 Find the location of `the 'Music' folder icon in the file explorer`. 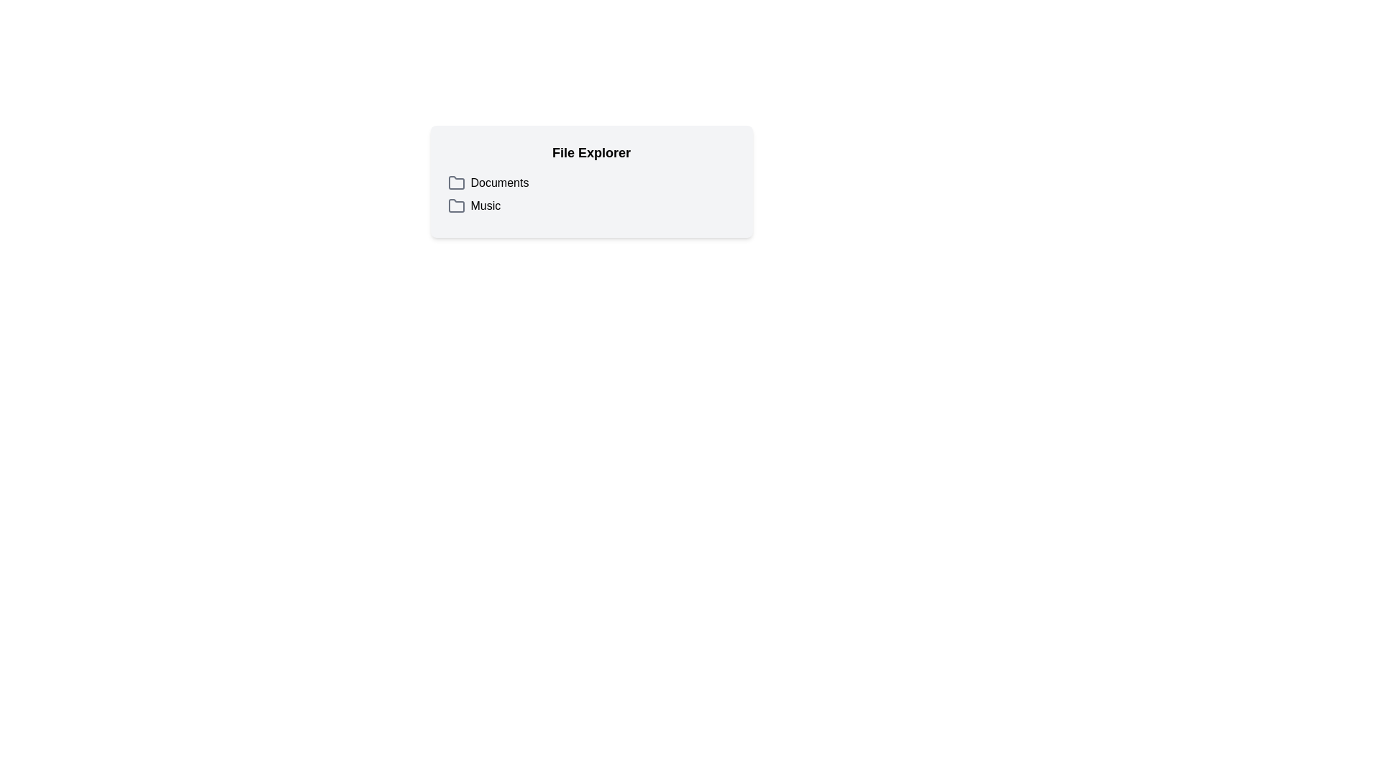

the 'Music' folder icon in the file explorer is located at coordinates (455, 205).